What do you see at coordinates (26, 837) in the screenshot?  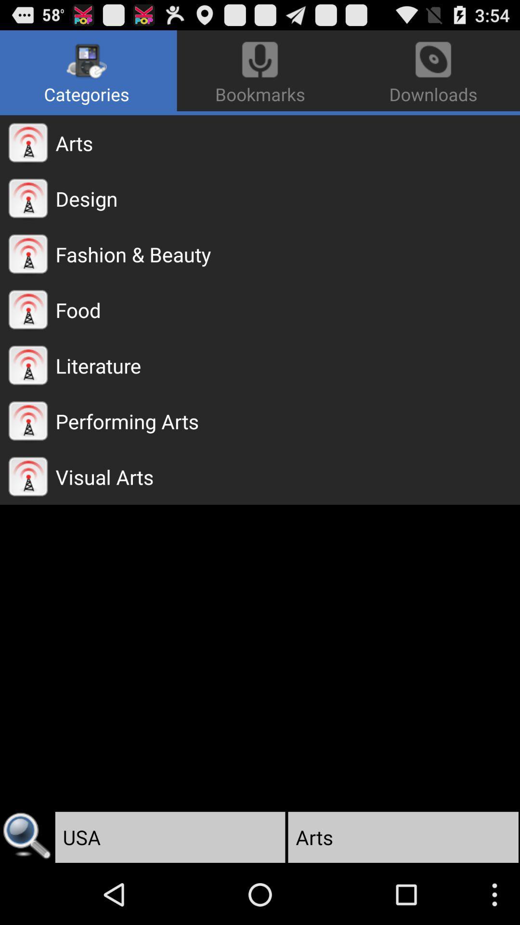 I see `the app to the left of usa app` at bounding box center [26, 837].